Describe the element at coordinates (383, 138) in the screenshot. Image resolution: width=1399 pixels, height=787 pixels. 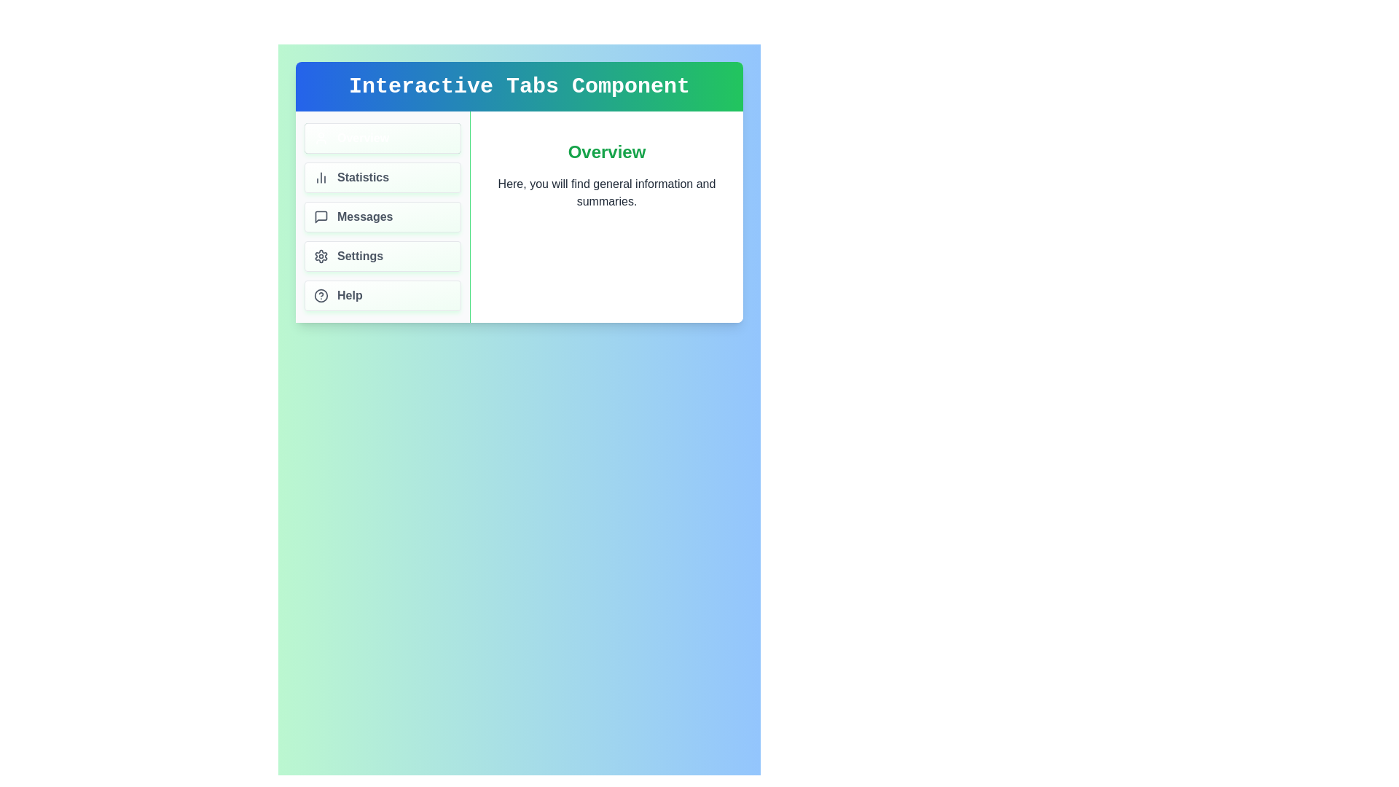
I see `the tab labeled Overview` at that location.